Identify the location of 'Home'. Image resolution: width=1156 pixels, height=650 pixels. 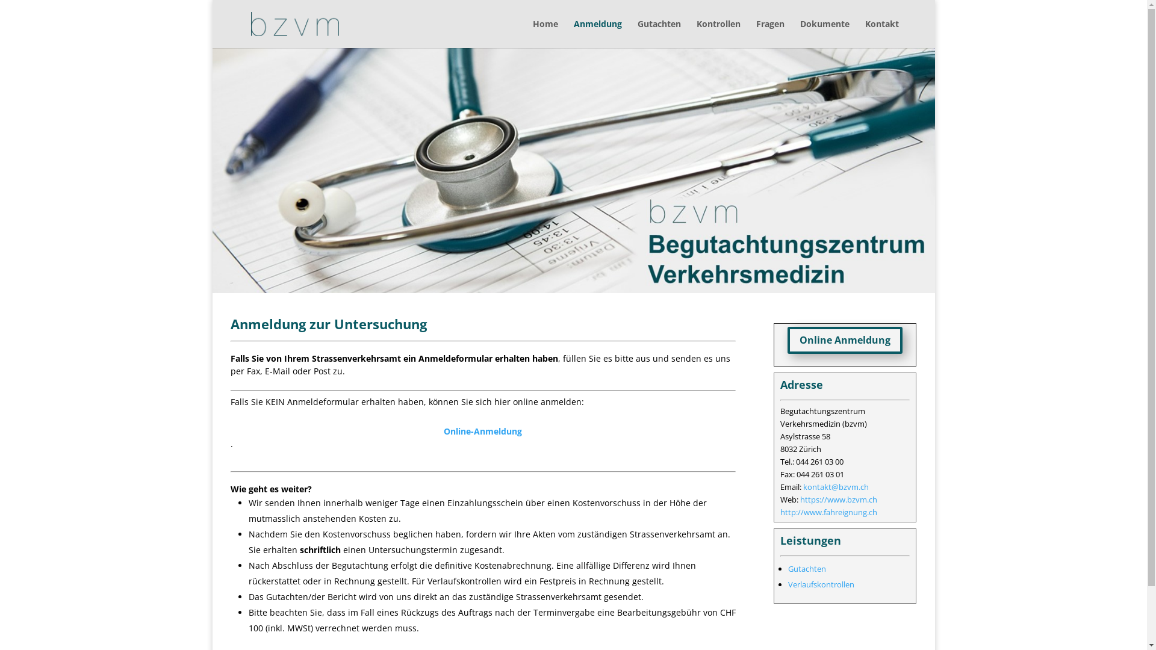
(544, 33).